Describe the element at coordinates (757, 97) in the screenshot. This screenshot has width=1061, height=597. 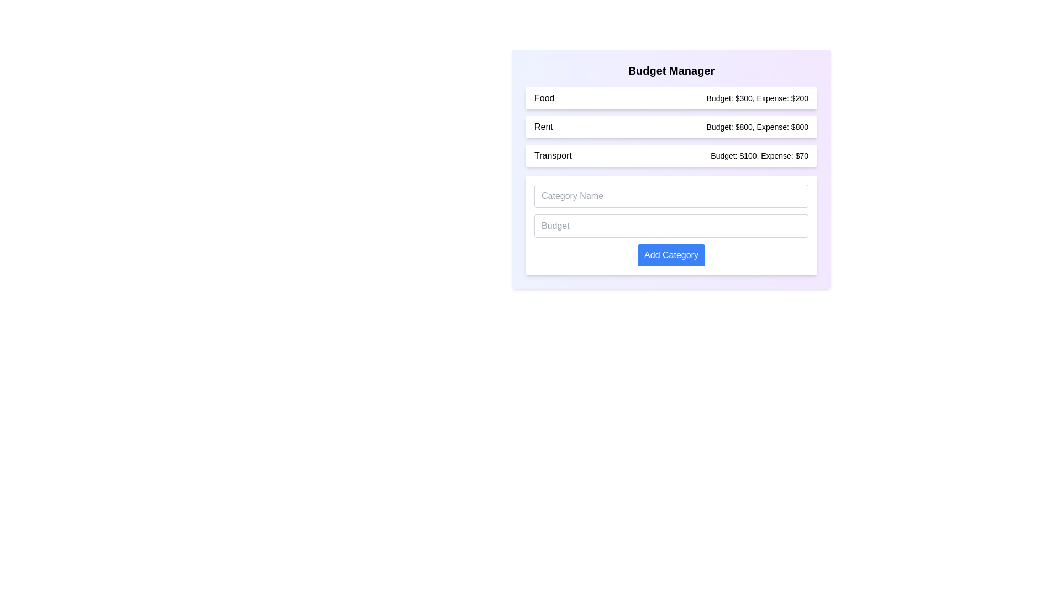
I see `information displayed in the text label that reads 'Budget: $300, Expense: $200', located on the far-right of the horizontal bar labeled 'Food'` at that location.